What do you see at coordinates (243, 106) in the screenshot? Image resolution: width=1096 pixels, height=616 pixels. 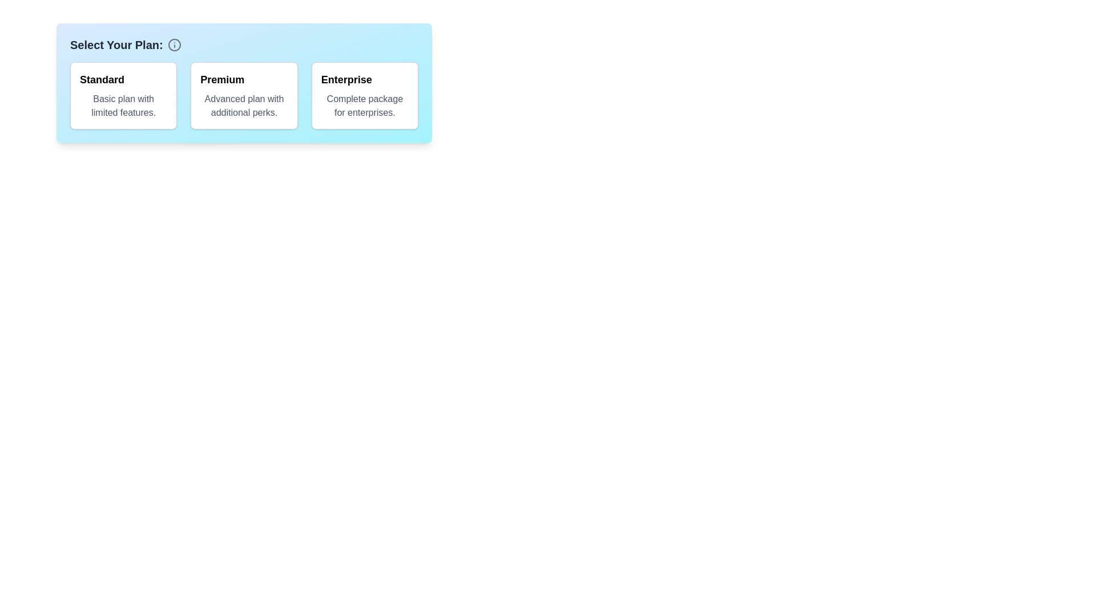 I see `the descriptive text element for the 'Premium' plan, which is located within the central card of three side-by-side cards under the 'Select Your Plan' header` at bounding box center [243, 106].